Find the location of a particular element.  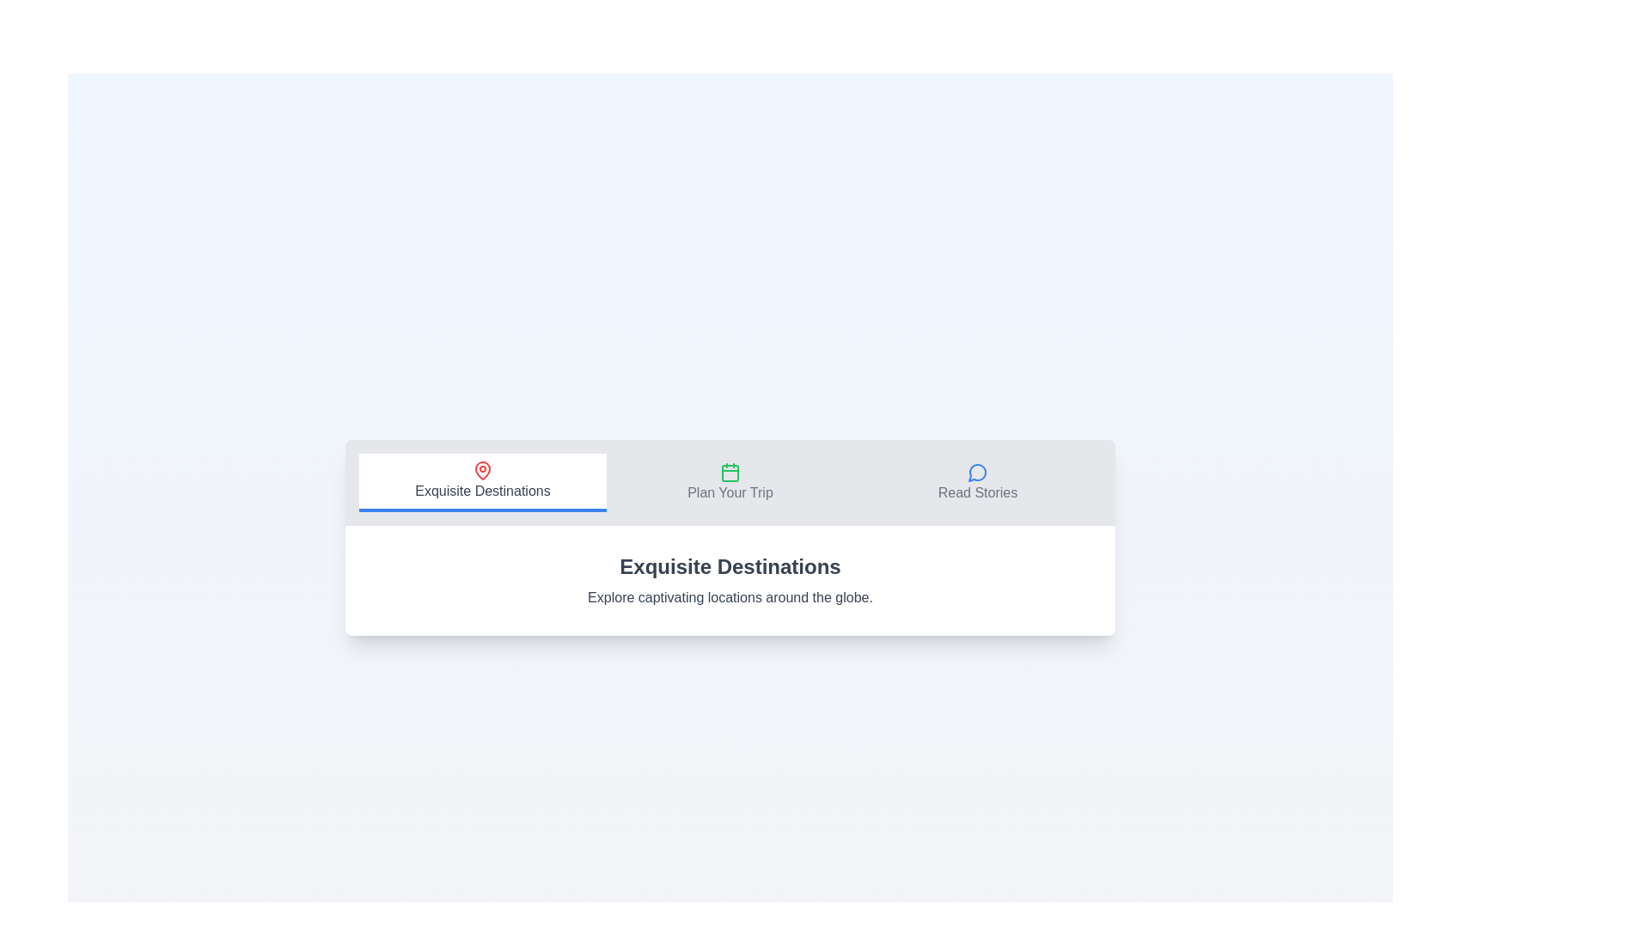

the Read Stories tab in the navigation bar is located at coordinates (977, 483).